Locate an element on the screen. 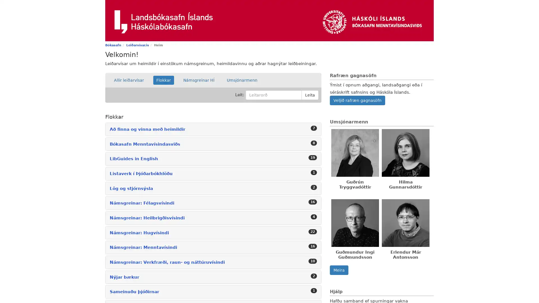  Allir leiarvisar is located at coordinates (129, 80).